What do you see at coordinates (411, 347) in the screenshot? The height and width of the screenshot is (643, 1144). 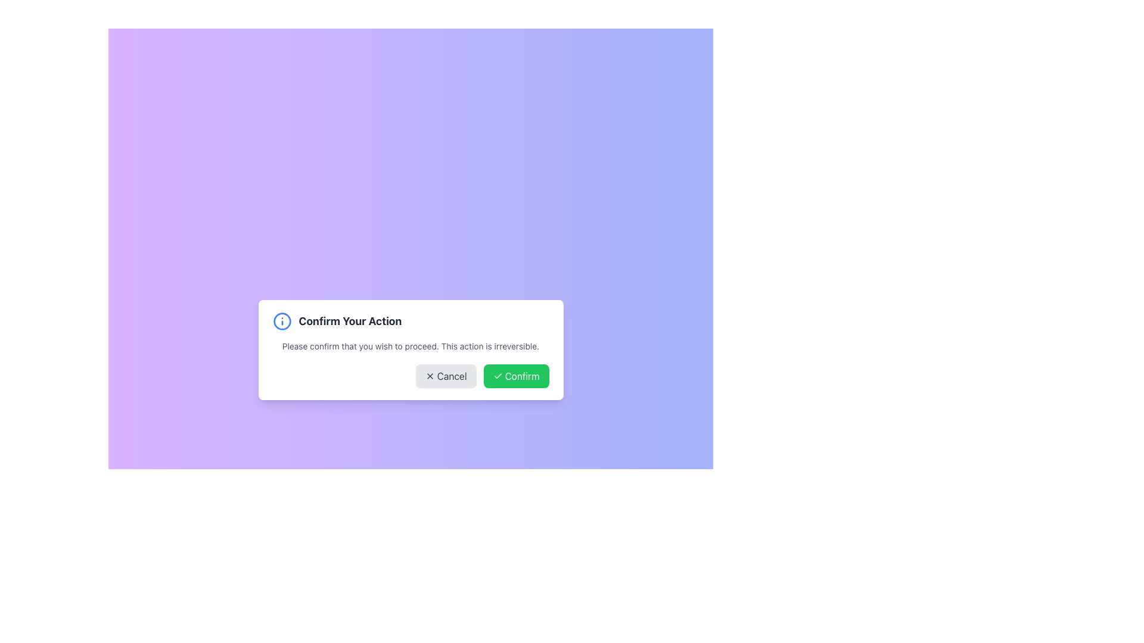 I see `informational text block that contains the message 'Please confirm that you wish to proceed. This action is irreversible.' positioned below the title 'Confirm Your Action' in the central confirmation dialog box` at bounding box center [411, 347].